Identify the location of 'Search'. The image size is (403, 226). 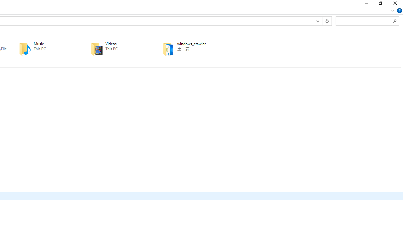
(394, 20).